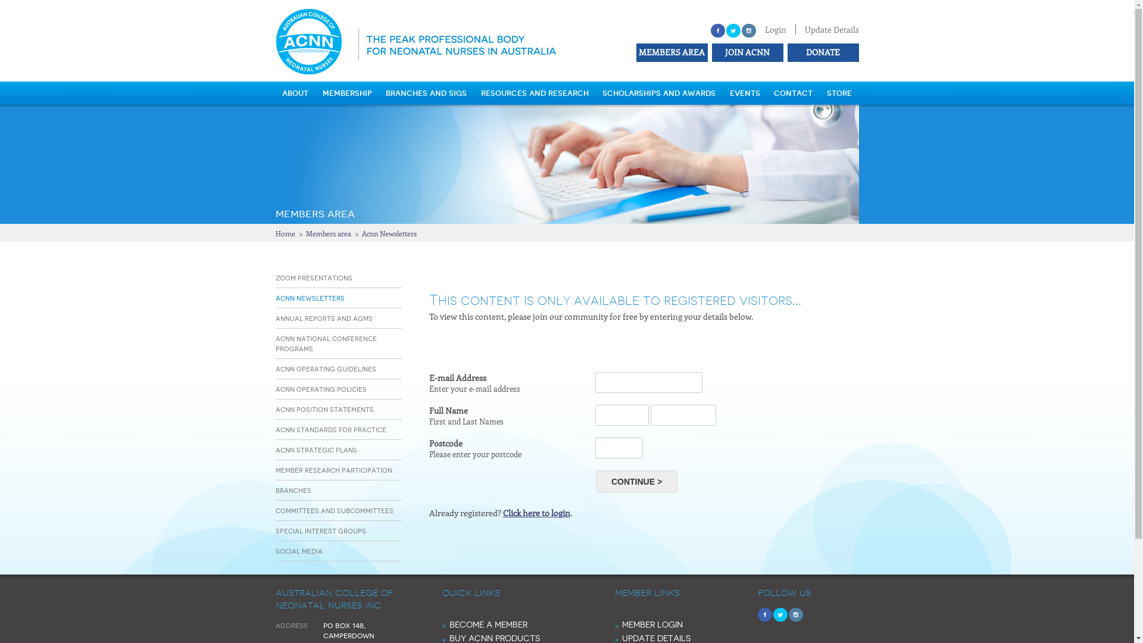 This screenshot has height=643, width=1143. I want to click on 'Twitter', so click(733, 30).